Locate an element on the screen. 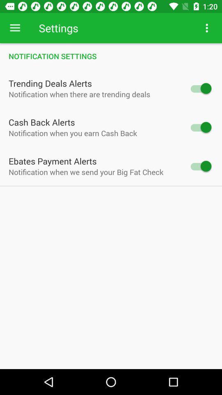  turn this setting off is located at coordinates (200, 88).